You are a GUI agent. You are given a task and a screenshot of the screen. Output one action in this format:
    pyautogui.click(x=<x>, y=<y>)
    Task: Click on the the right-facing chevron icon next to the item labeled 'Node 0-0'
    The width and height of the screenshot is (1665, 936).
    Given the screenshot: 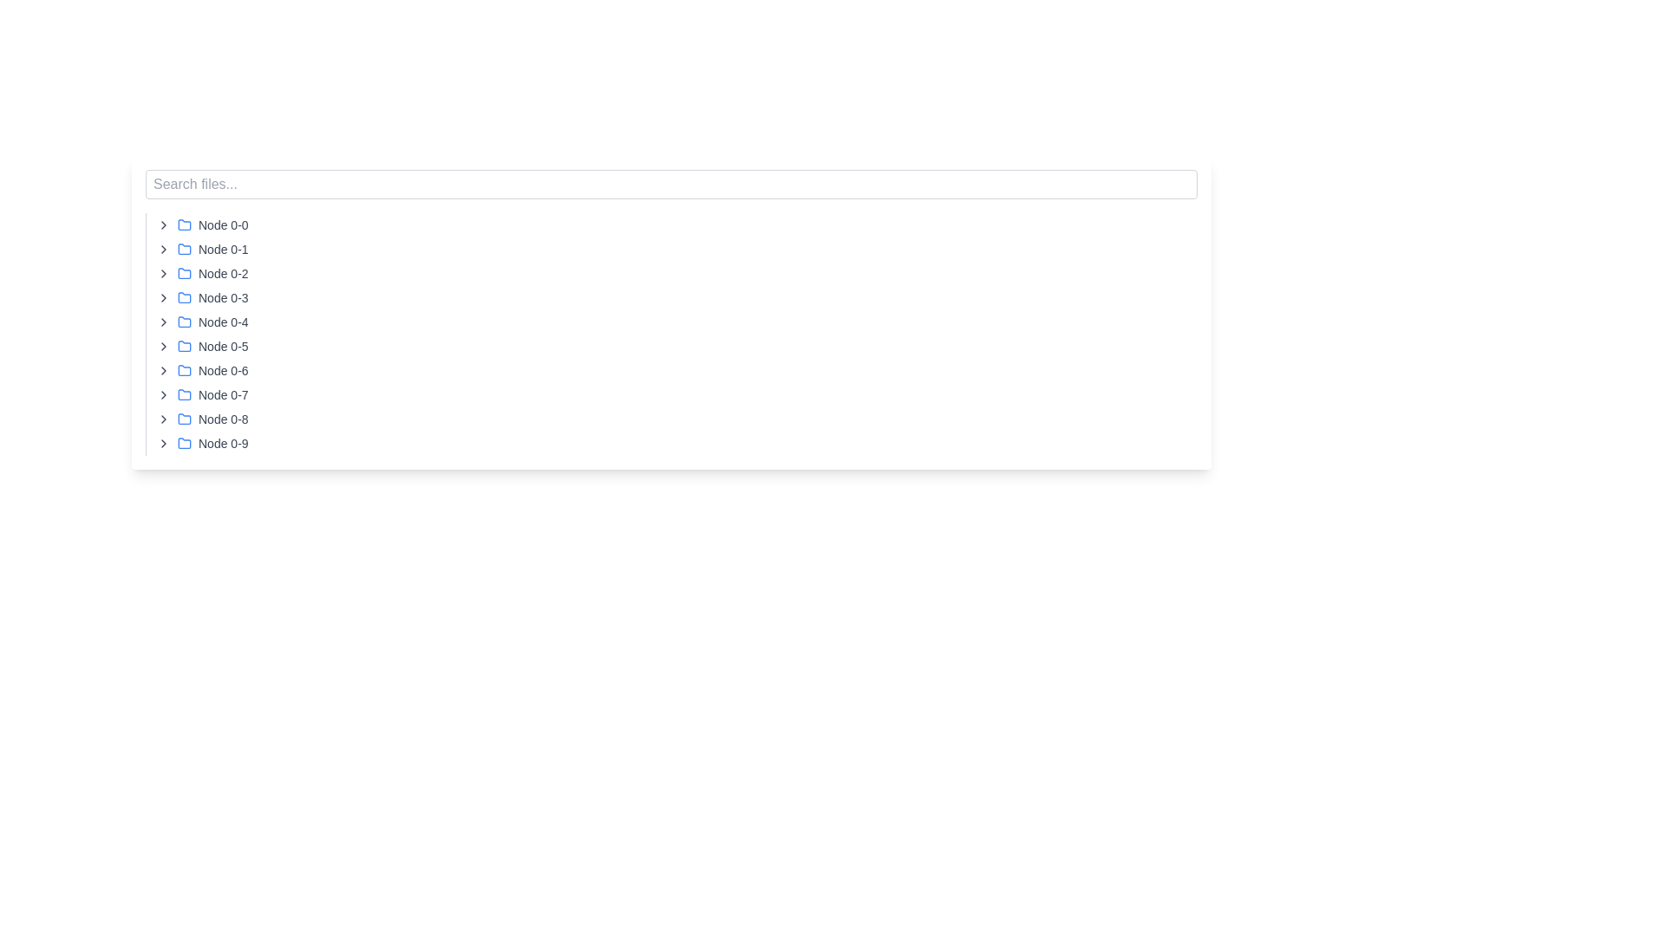 What is the action you would take?
    pyautogui.click(x=163, y=224)
    